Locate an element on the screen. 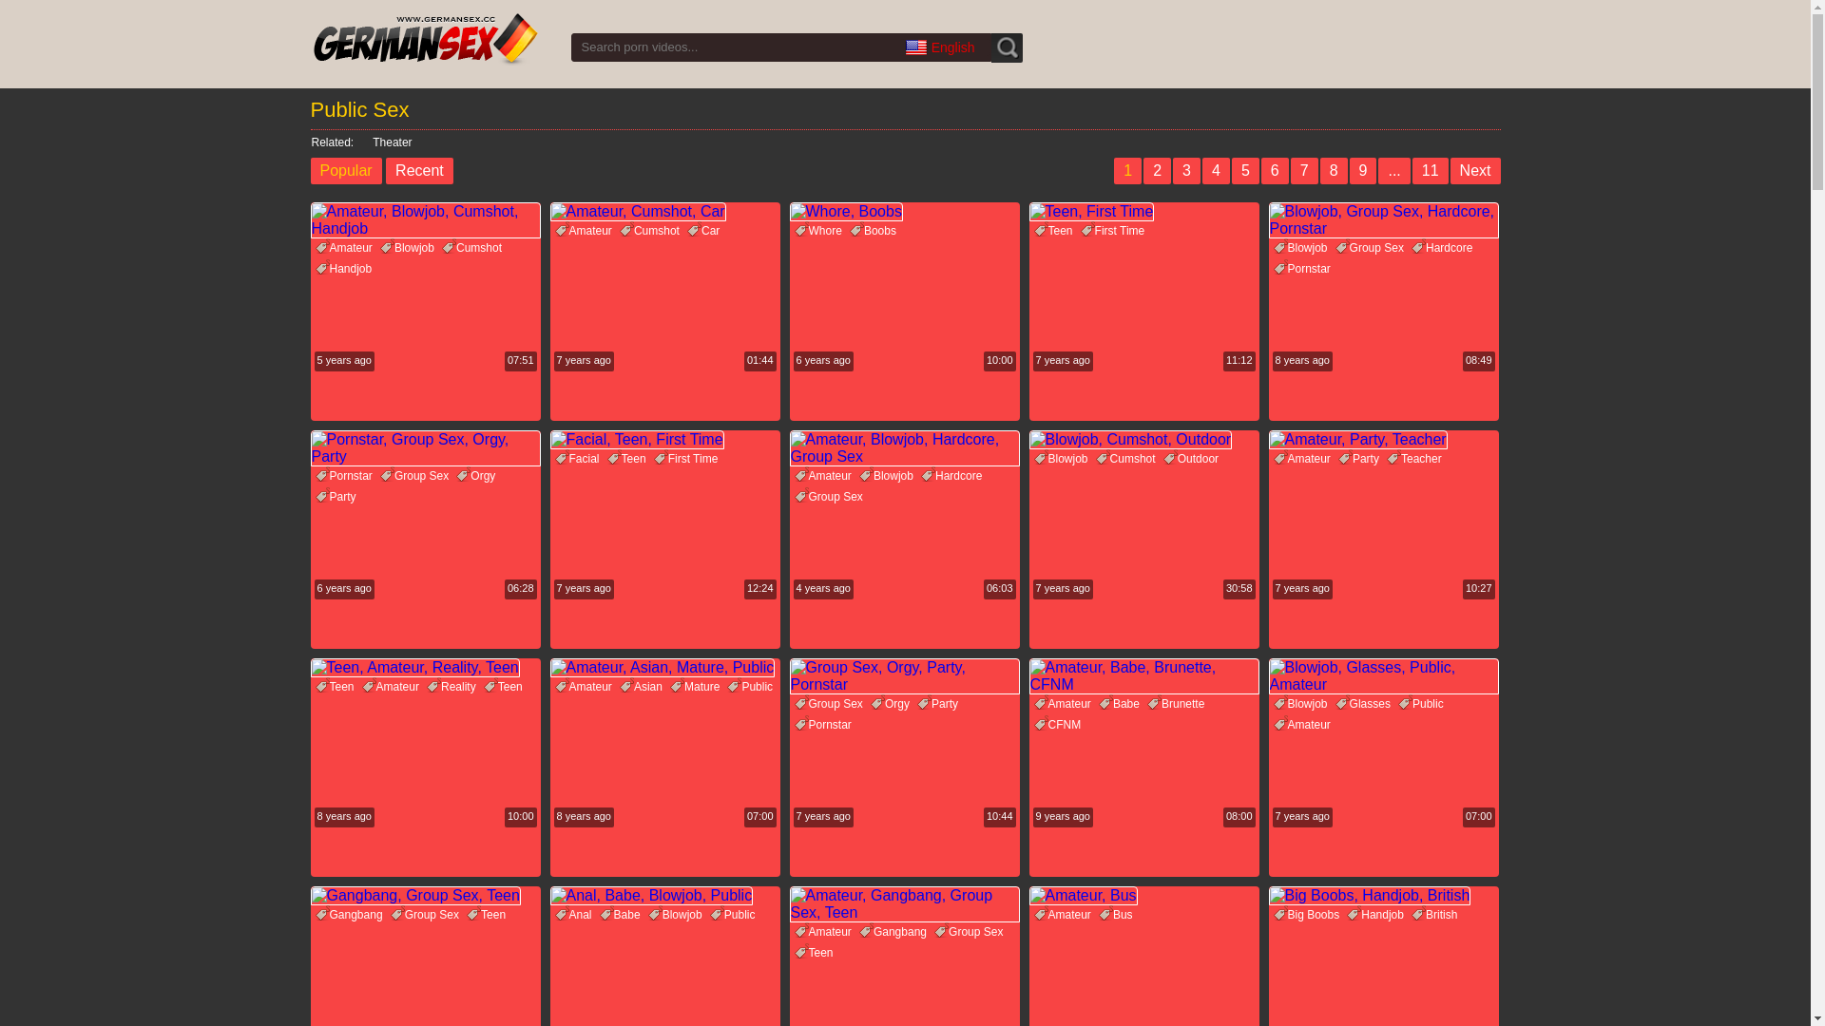  'Recent' is located at coordinates (418, 171).